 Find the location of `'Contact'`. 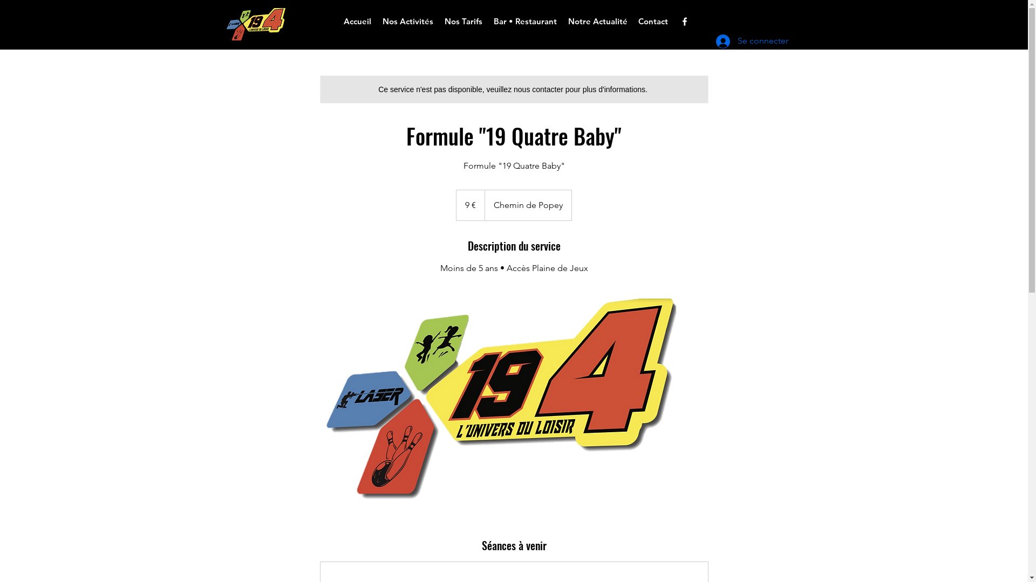

'Contact' is located at coordinates (652, 21).